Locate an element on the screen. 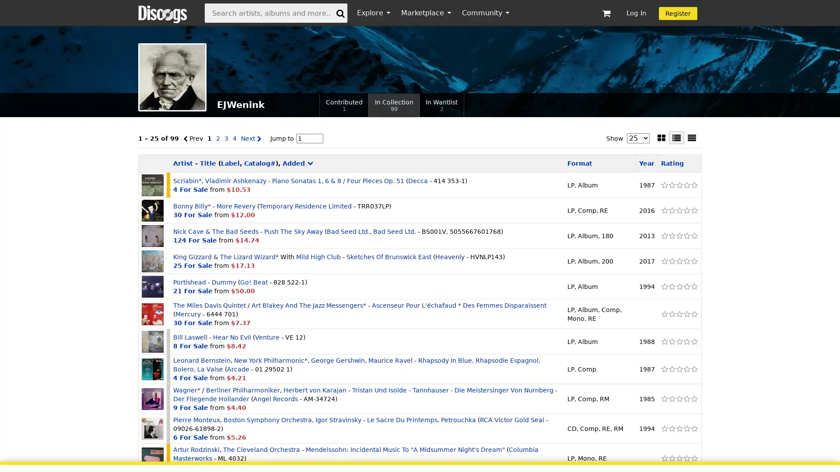 Image resolution: width=840 pixels, height=472 pixels. Rate this release 2 stars. is located at coordinates (671, 369).